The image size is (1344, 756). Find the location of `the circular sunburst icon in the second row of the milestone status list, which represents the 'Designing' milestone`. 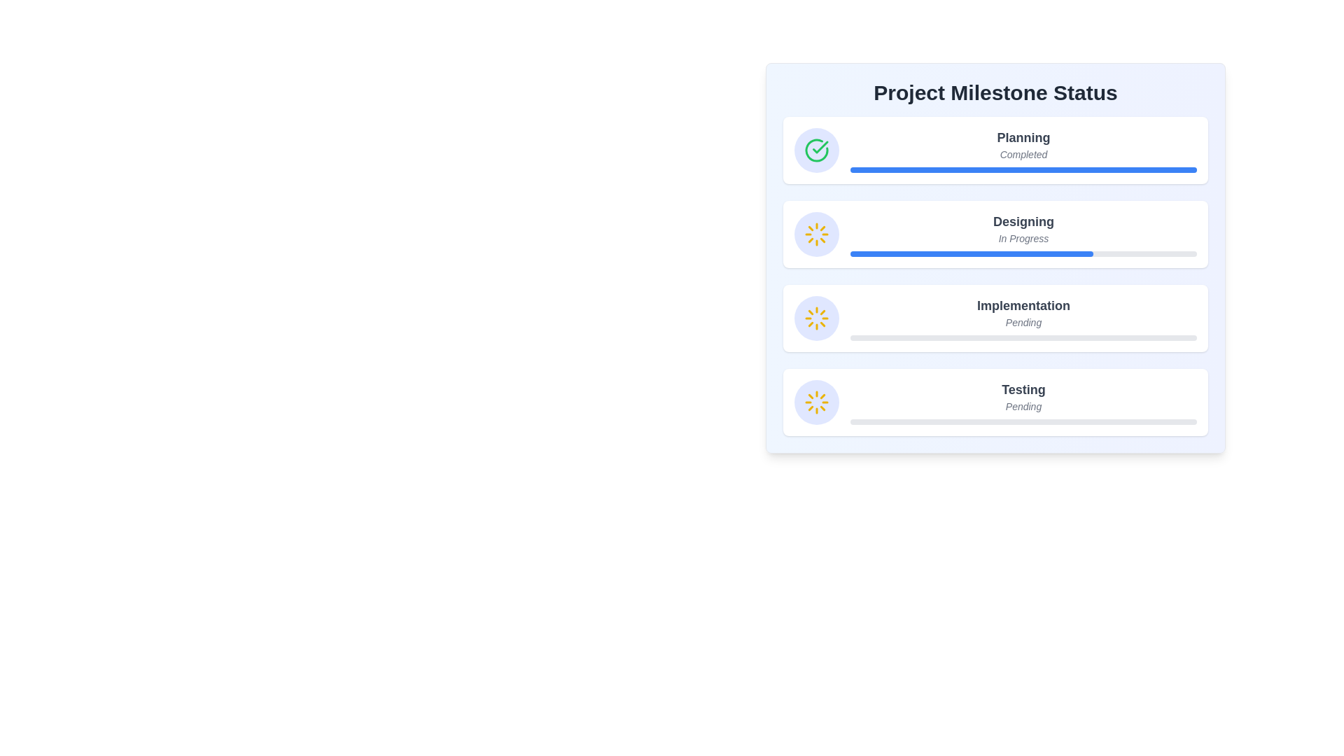

the circular sunburst icon in the second row of the milestone status list, which represents the 'Designing' milestone is located at coordinates (816, 234).